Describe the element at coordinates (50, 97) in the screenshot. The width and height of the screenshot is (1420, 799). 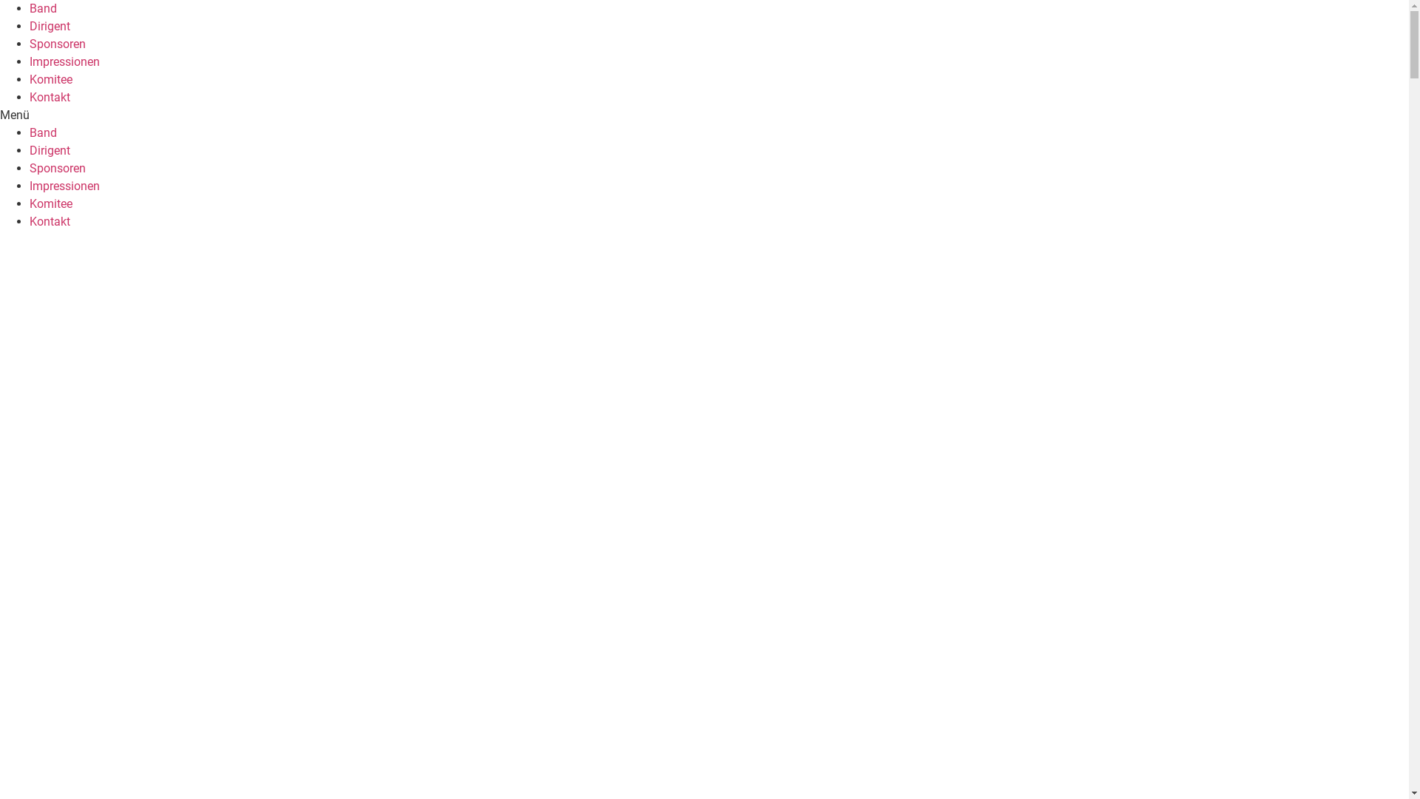
I see `'Kontakt'` at that location.